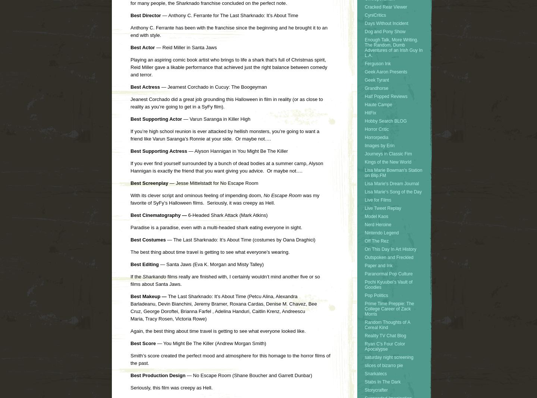  What do you see at coordinates (385, 31) in the screenshot?
I see `'Dog and Pony Show'` at bounding box center [385, 31].